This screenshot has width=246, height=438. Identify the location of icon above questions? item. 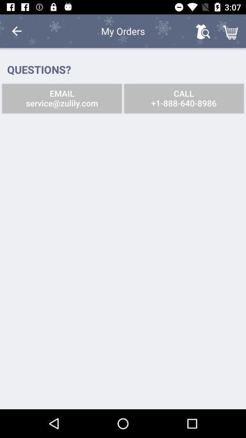
(16, 31).